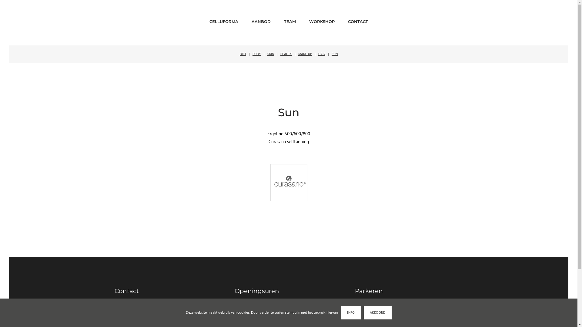  Describe the element at coordinates (115, 309) in the screenshot. I see `'info@celluforma.be'` at that location.